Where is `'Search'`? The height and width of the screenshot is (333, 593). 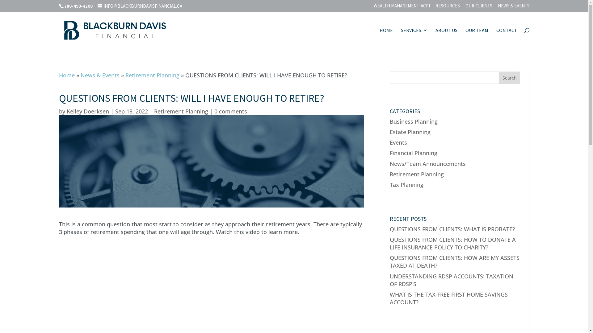 'Search' is located at coordinates (510, 77).